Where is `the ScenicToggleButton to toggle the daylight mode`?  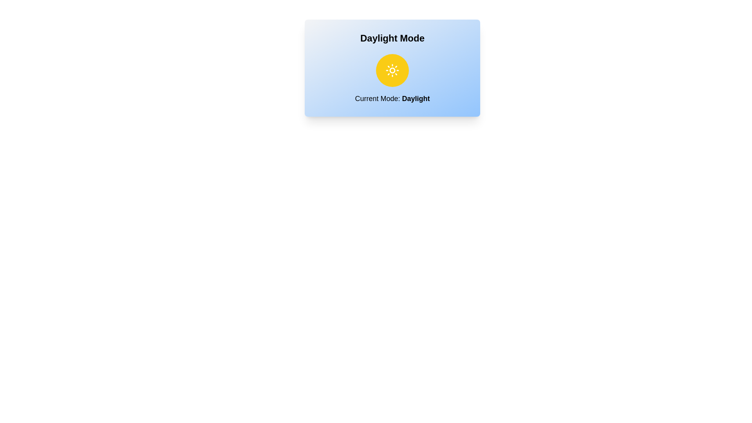
the ScenicToggleButton to toggle the daylight mode is located at coordinates (392, 70).